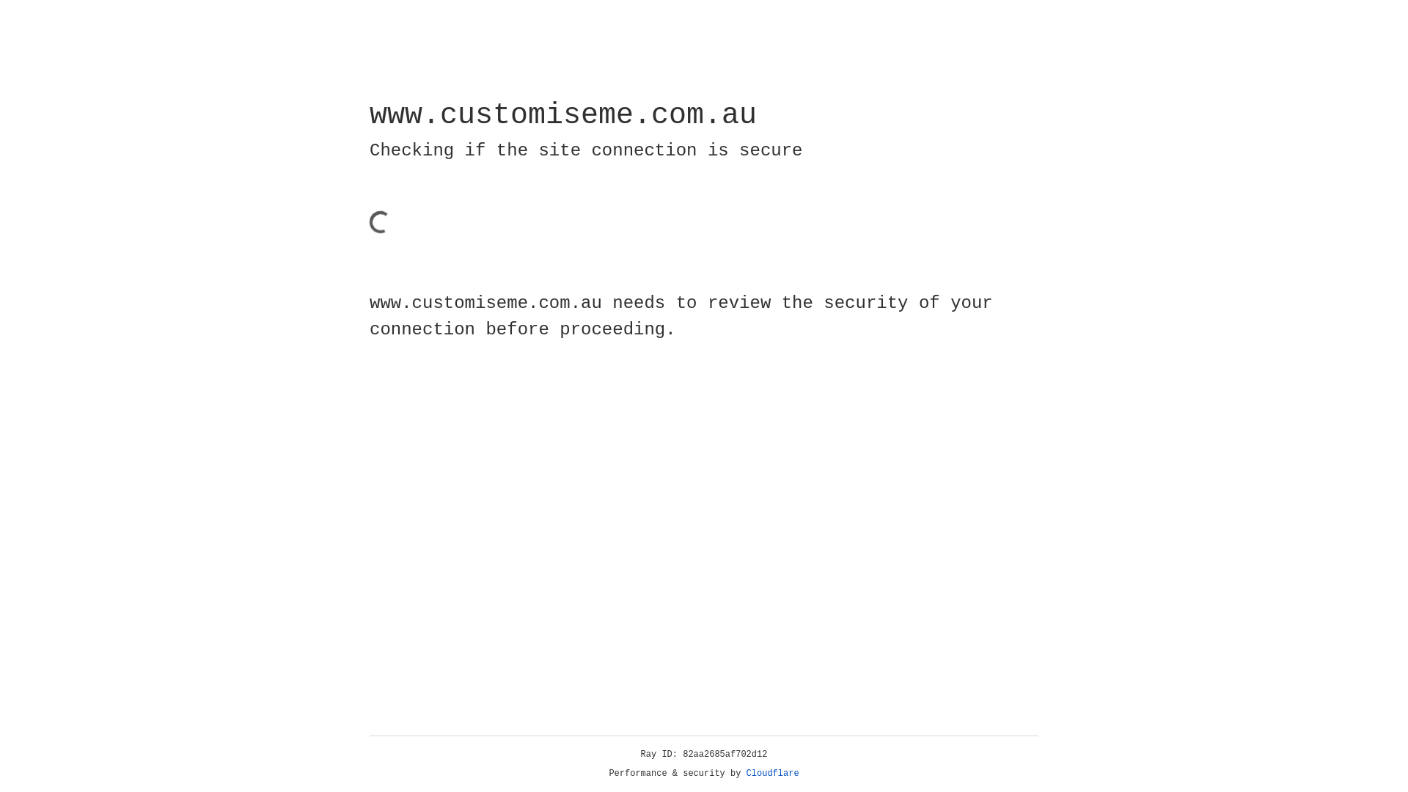 This screenshot has width=1408, height=792. Describe the element at coordinates (746, 773) in the screenshot. I see `'Cloudflare'` at that location.